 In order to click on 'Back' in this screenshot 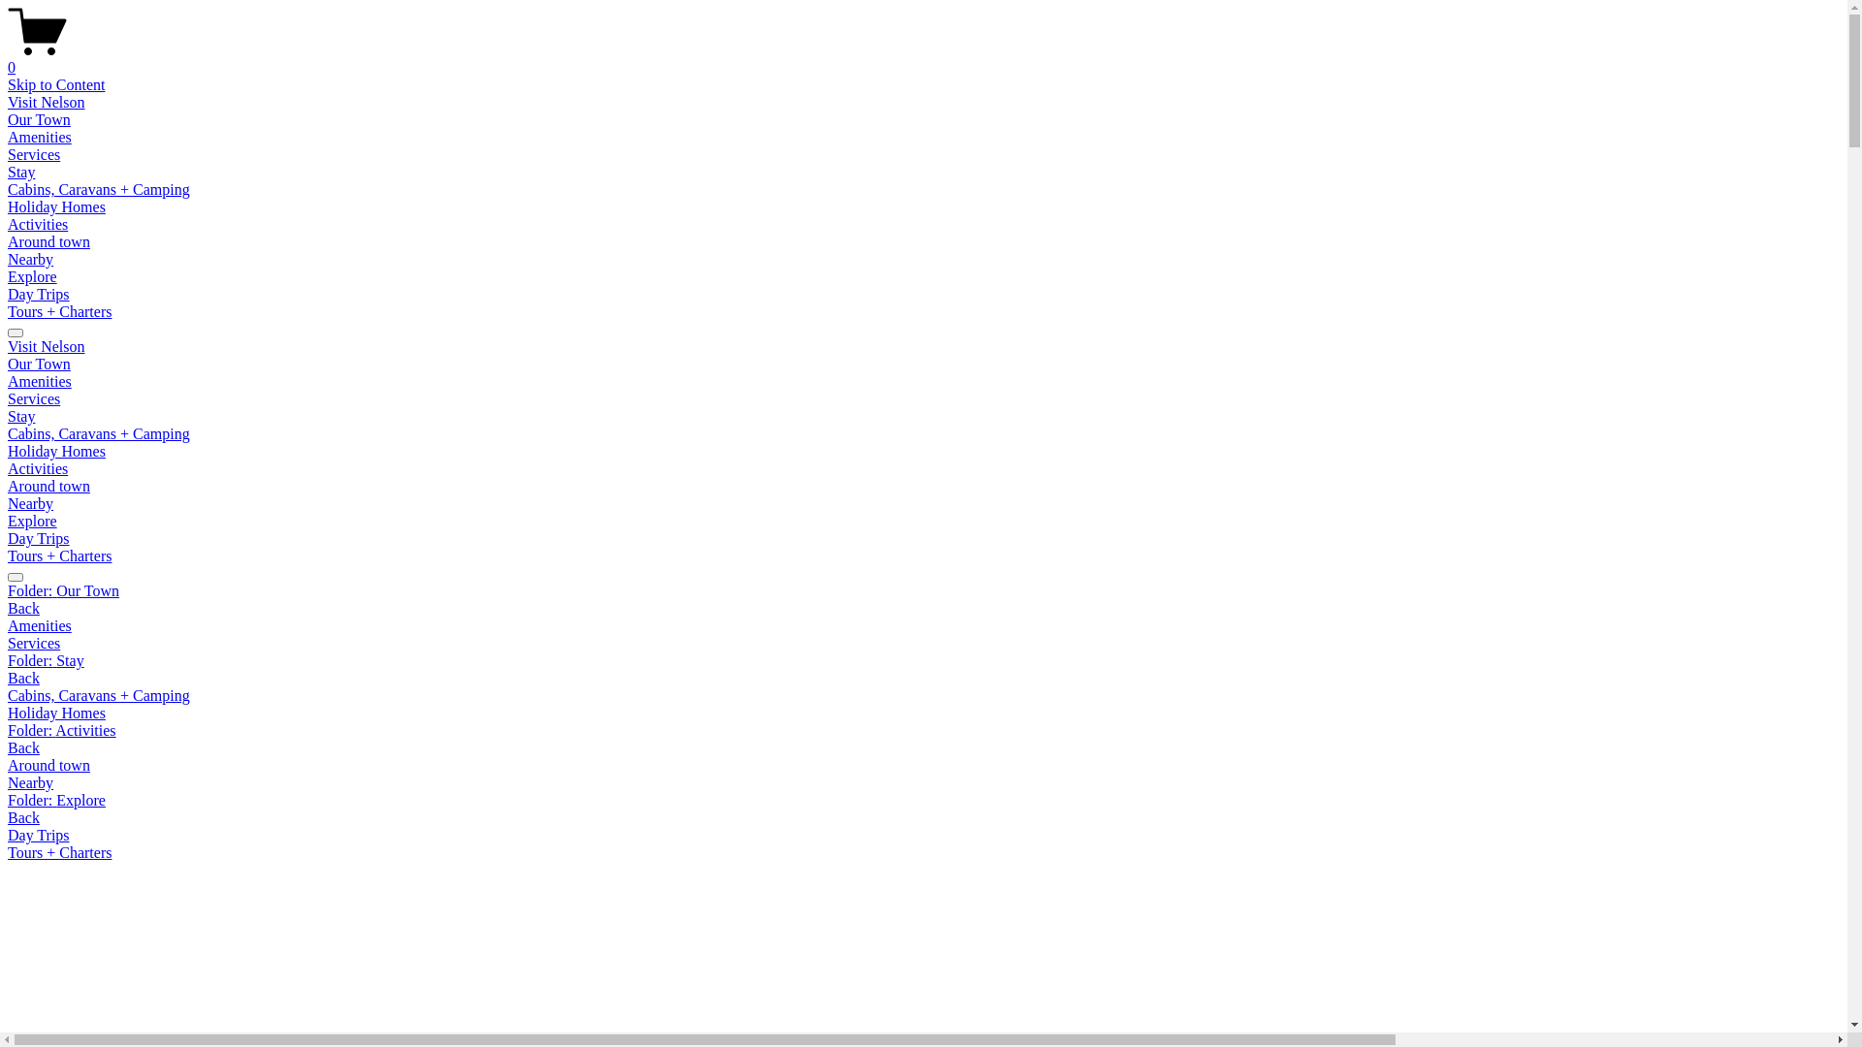, I will do `click(23, 746)`.